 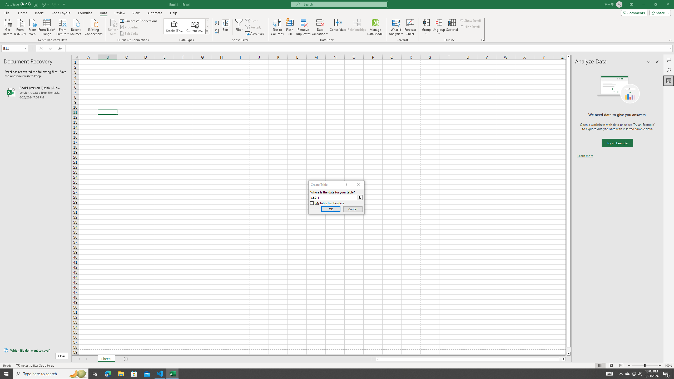 I want to click on 'Line down', so click(x=568, y=354).